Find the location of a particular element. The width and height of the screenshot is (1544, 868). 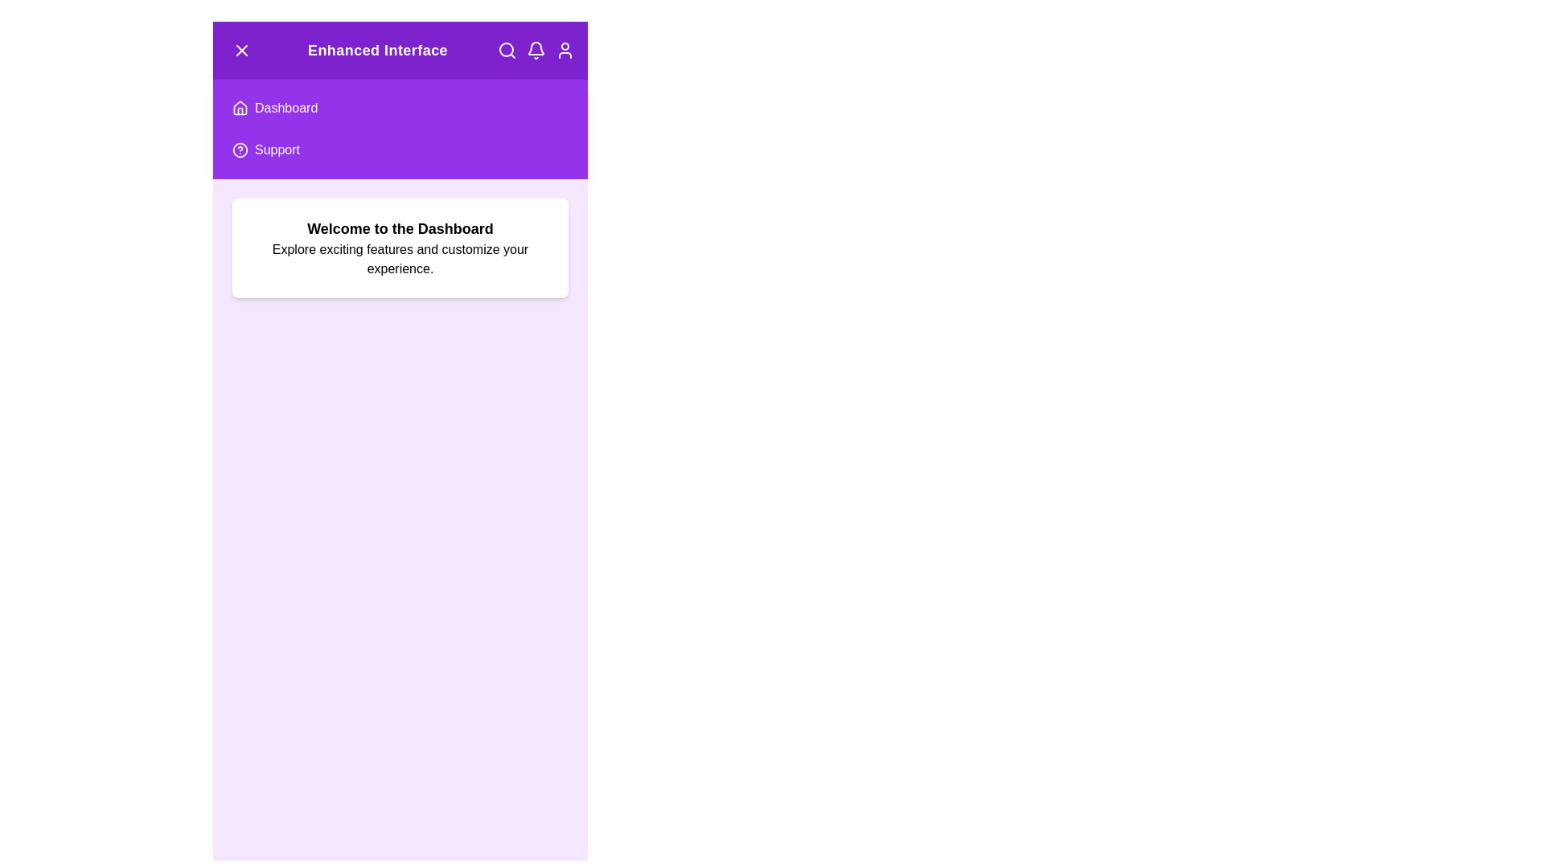

the notifications icon in the header is located at coordinates (536, 49).